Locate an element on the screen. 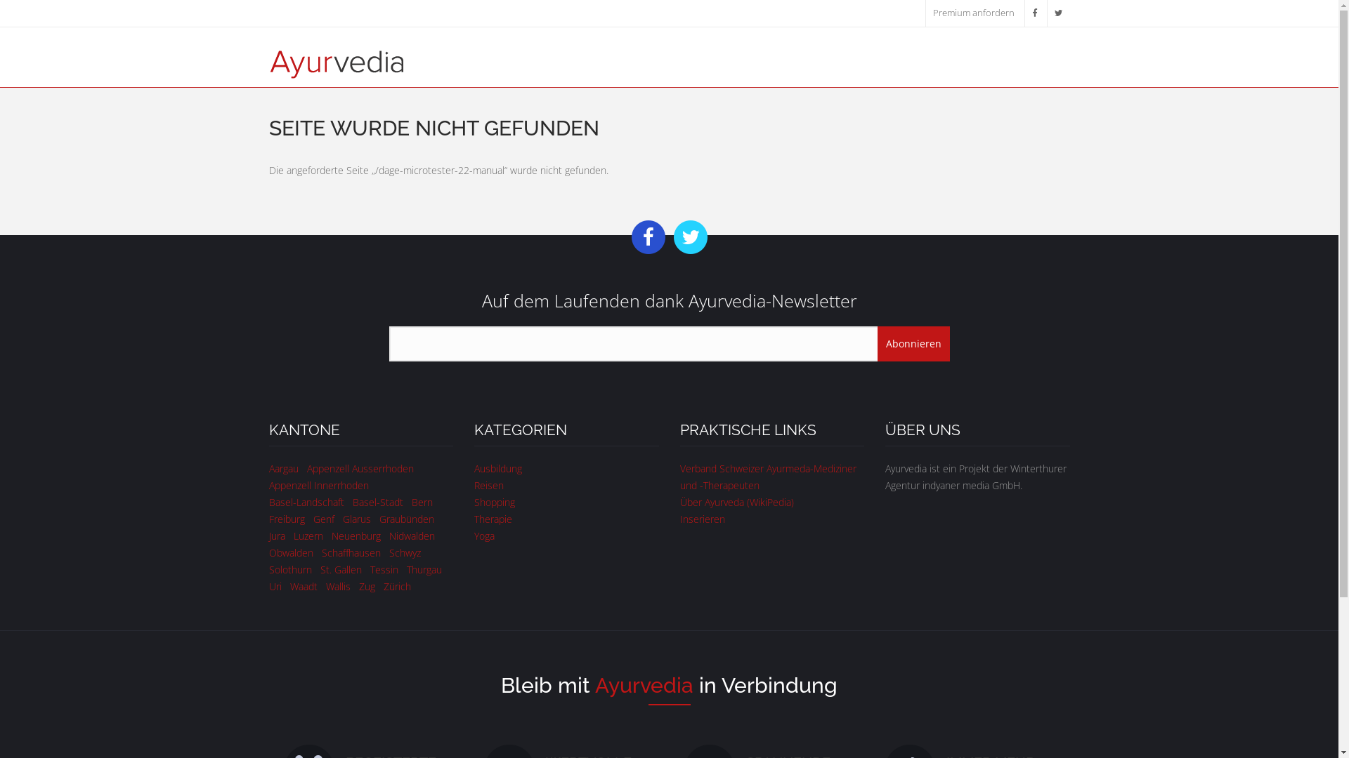  'Ausbildung' is located at coordinates (498, 468).